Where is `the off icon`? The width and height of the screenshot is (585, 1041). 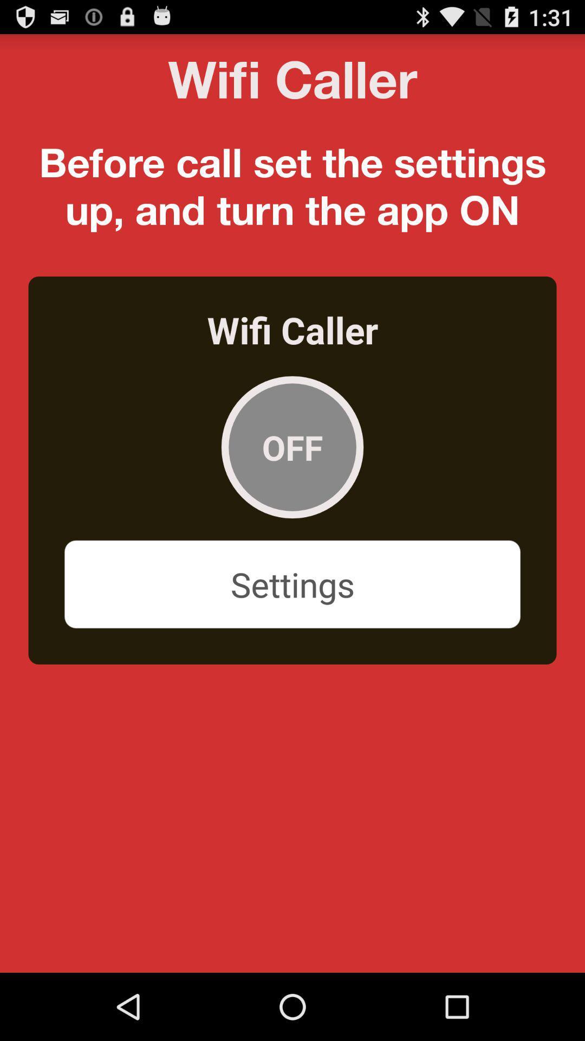
the off icon is located at coordinates (292, 447).